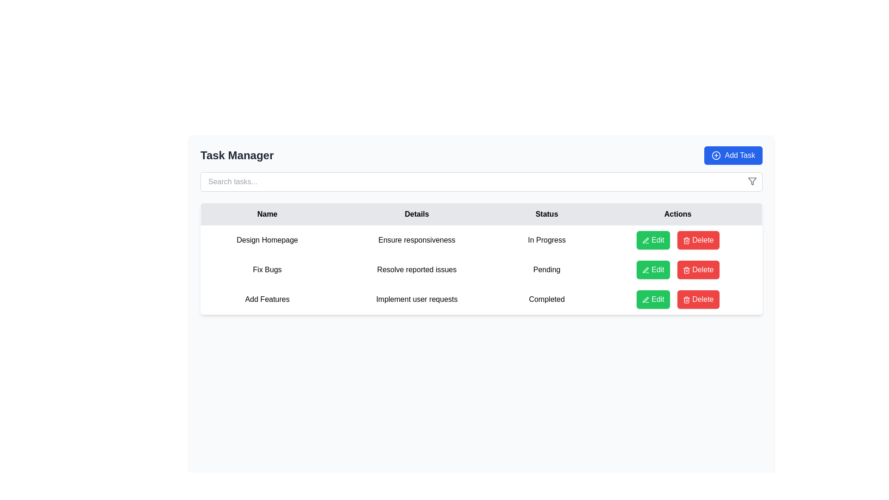 The image size is (889, 500). I want to click on the static text label displaying 'Design Homepage', which is the first element in the 'Name' column of the table, so click(267, 240).